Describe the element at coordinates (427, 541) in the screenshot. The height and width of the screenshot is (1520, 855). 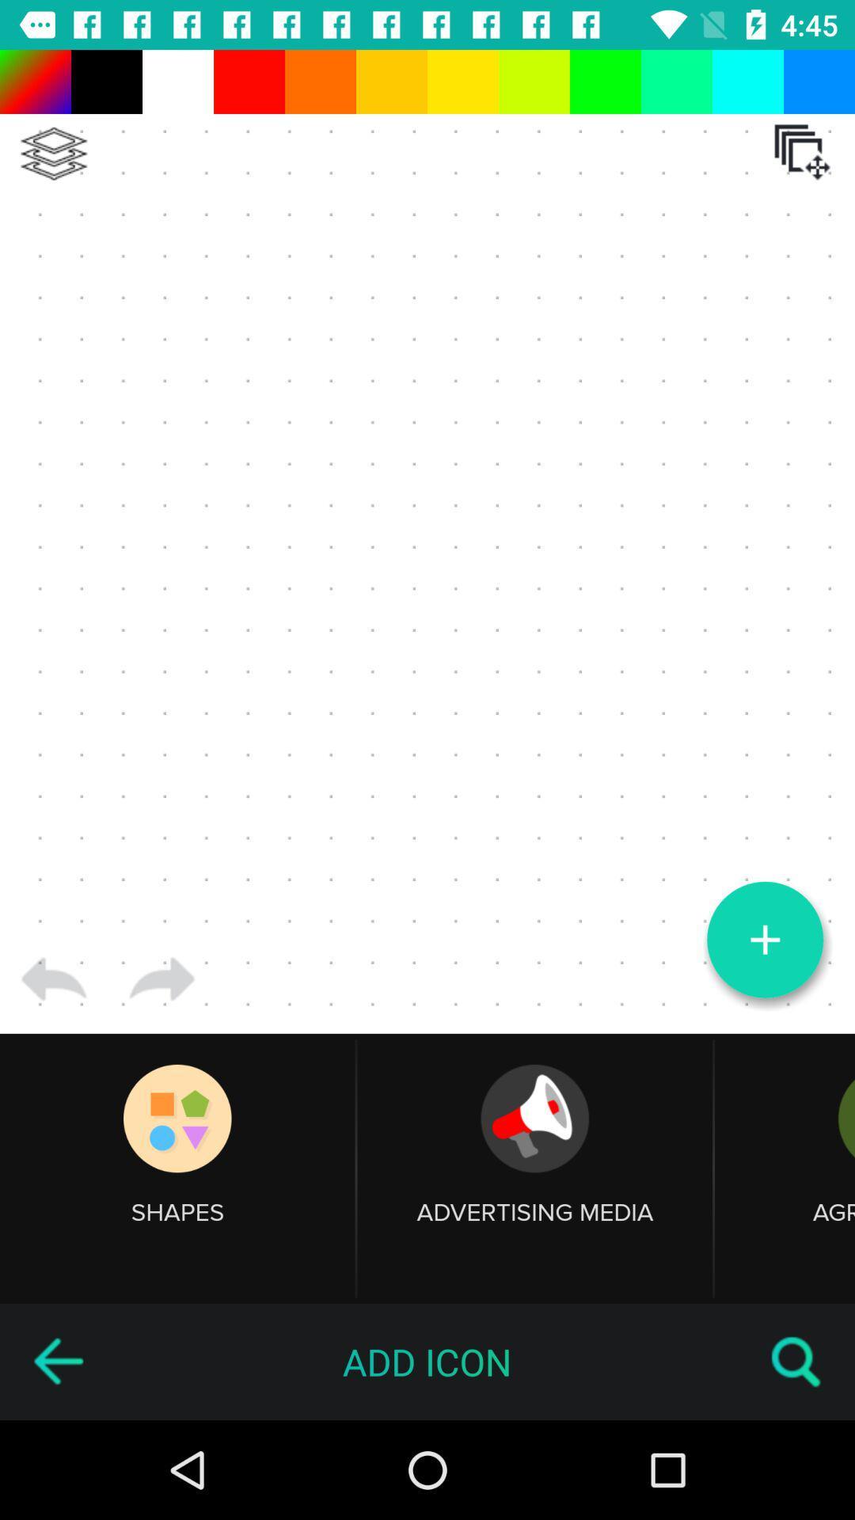
I see `icon to page` at that location.